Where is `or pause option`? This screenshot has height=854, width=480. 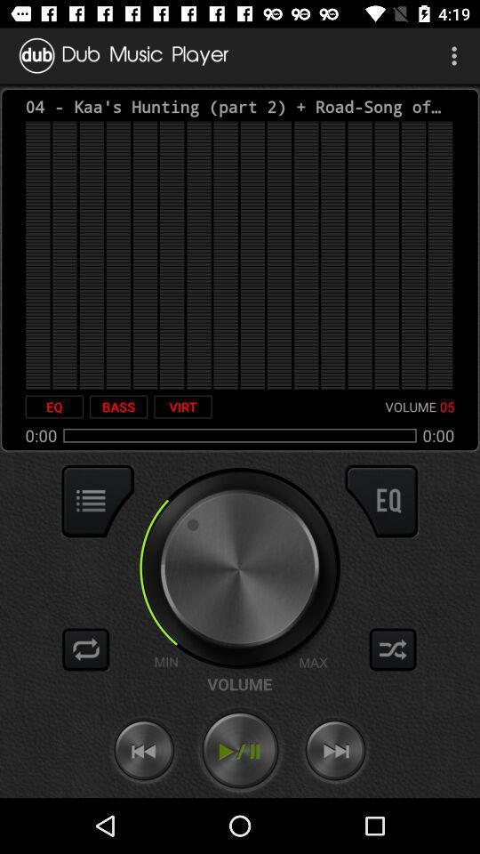
or pause option is located at coordinates (240, 750).